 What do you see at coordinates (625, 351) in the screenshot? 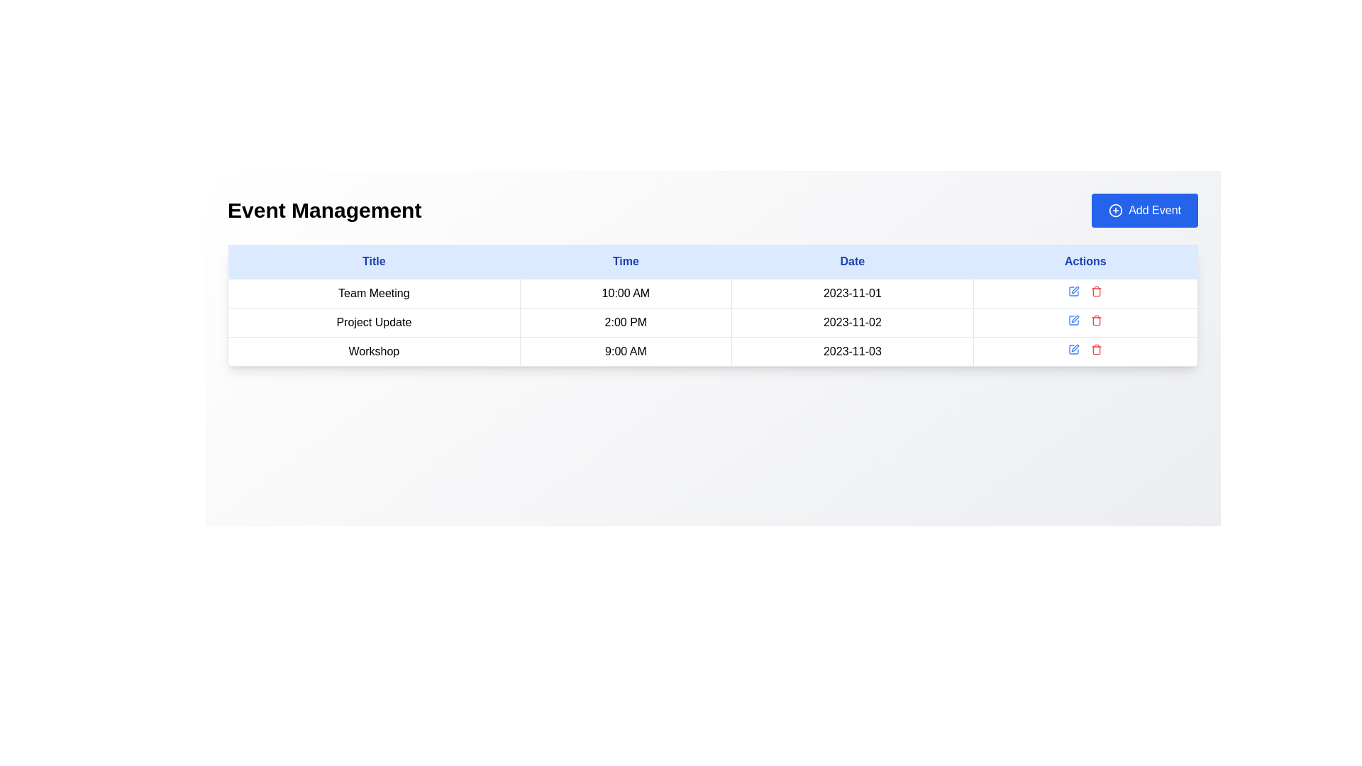
I see `the static text element displaying '9:00 AM' in the 'Time' column of the table for the 'Workshop' event` at bounding box center [625, 351].